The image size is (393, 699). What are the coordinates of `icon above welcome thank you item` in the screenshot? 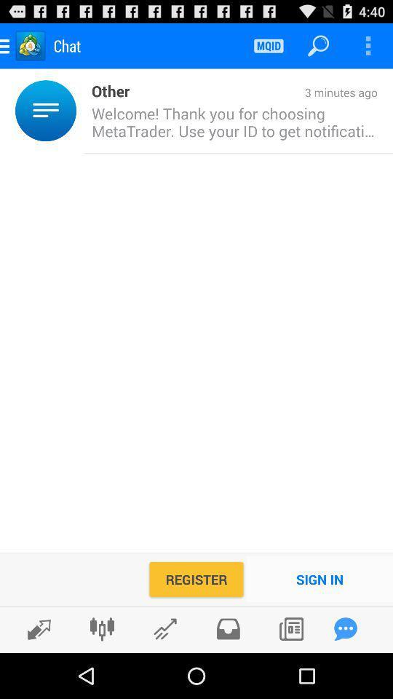 It's located at (253, 92).